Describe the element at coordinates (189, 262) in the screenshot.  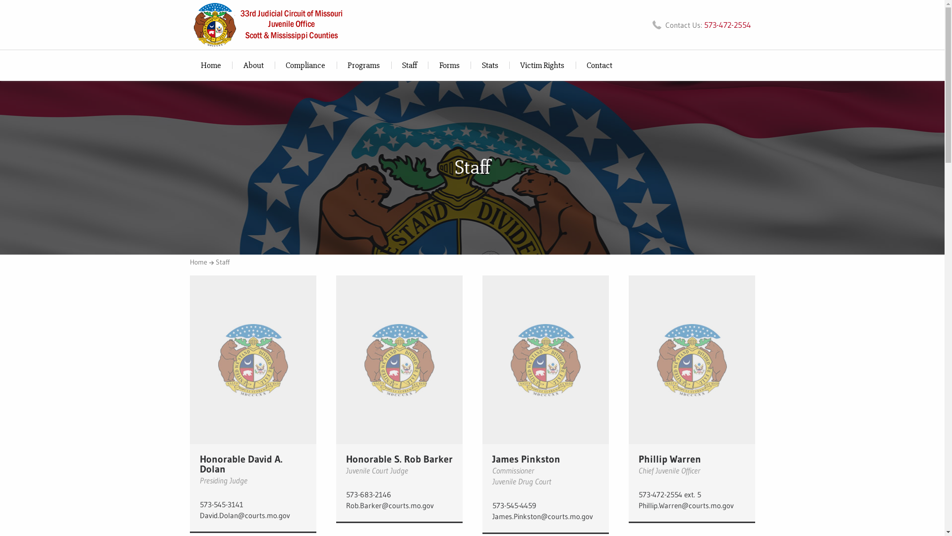
I see `'Home'` at that location.